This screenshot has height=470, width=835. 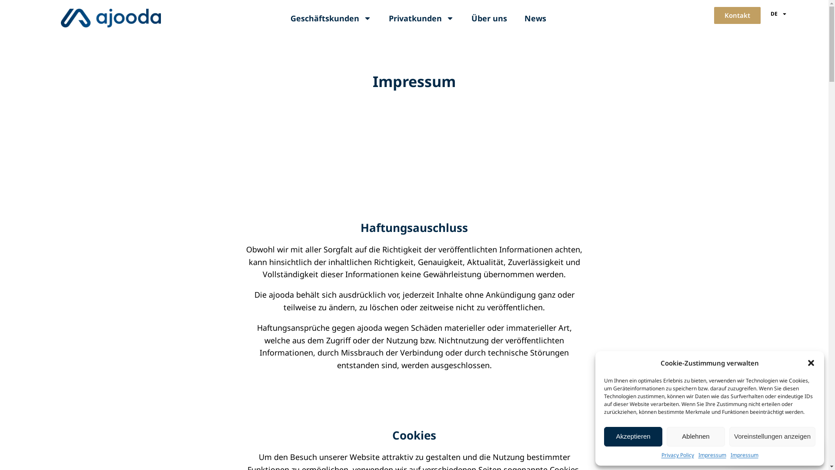 I want to click on 'Privacy Policy', so click(x=661, y=454).